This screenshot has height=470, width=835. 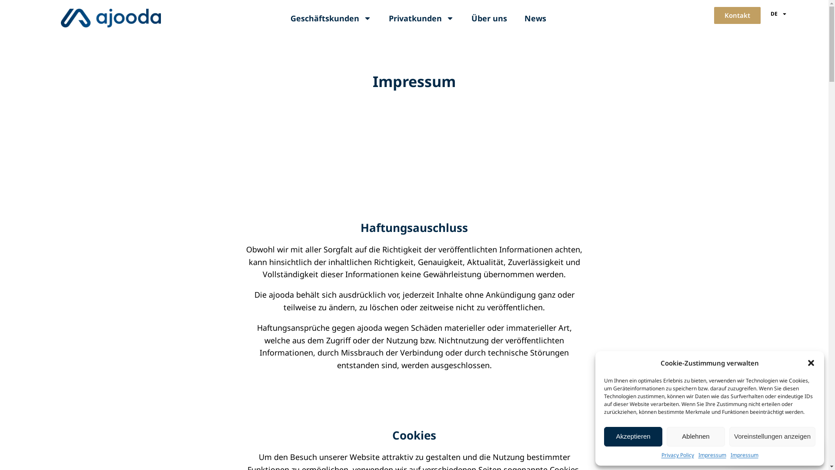 I want to click on 'Privacy Policy', so click(x=661, y=454).